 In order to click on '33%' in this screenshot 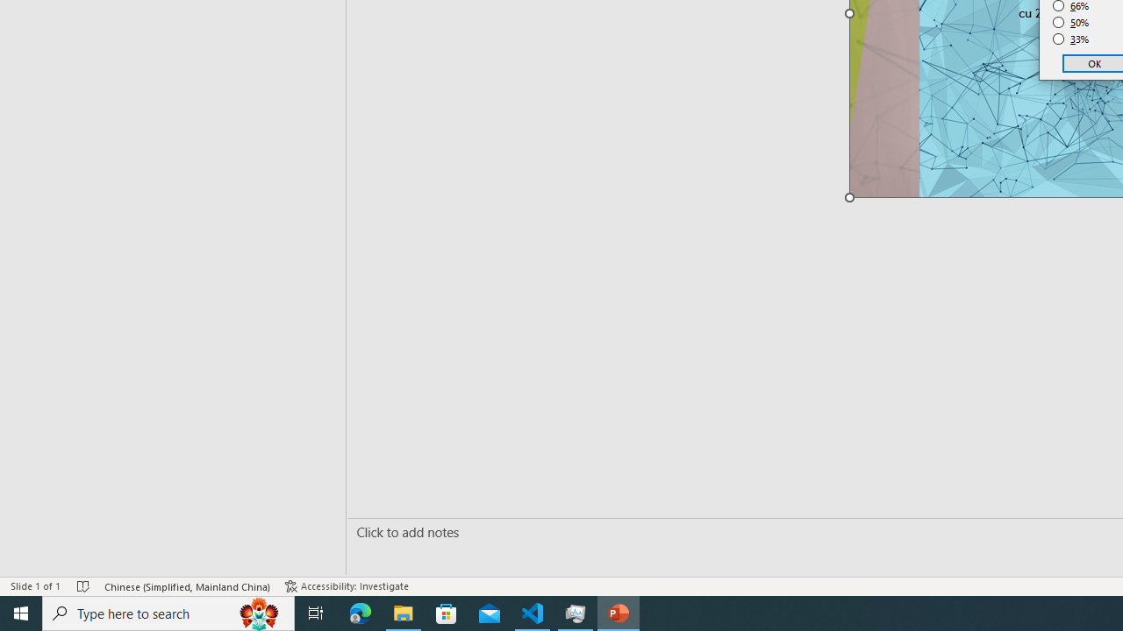, I will do `click(1070, 39)`.